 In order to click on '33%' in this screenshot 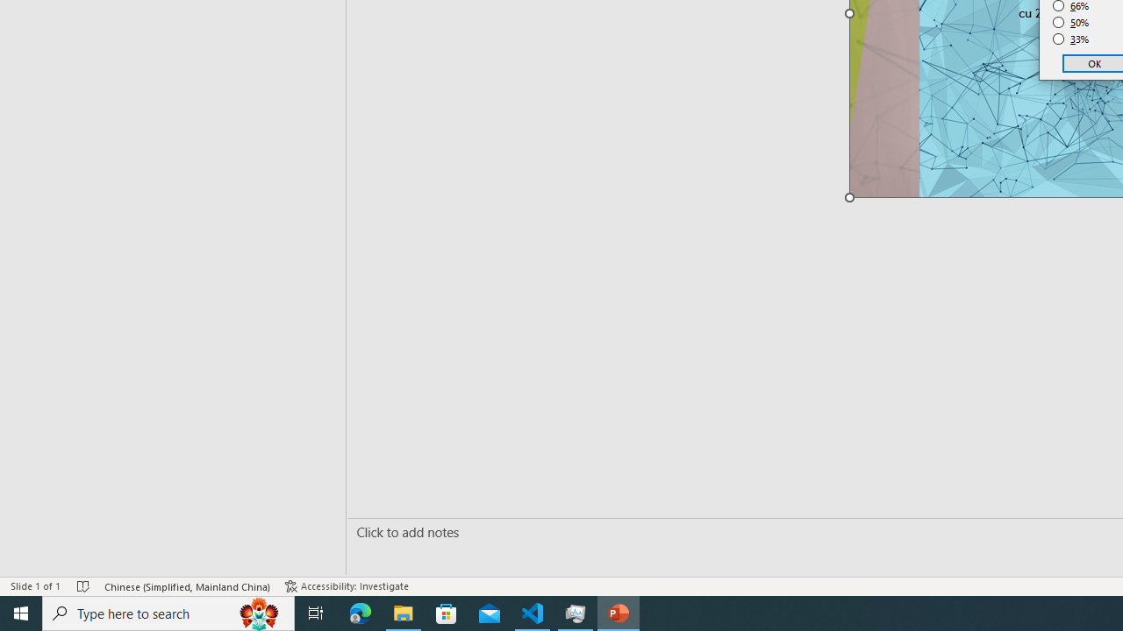, I will do `click(1070, 39)`.